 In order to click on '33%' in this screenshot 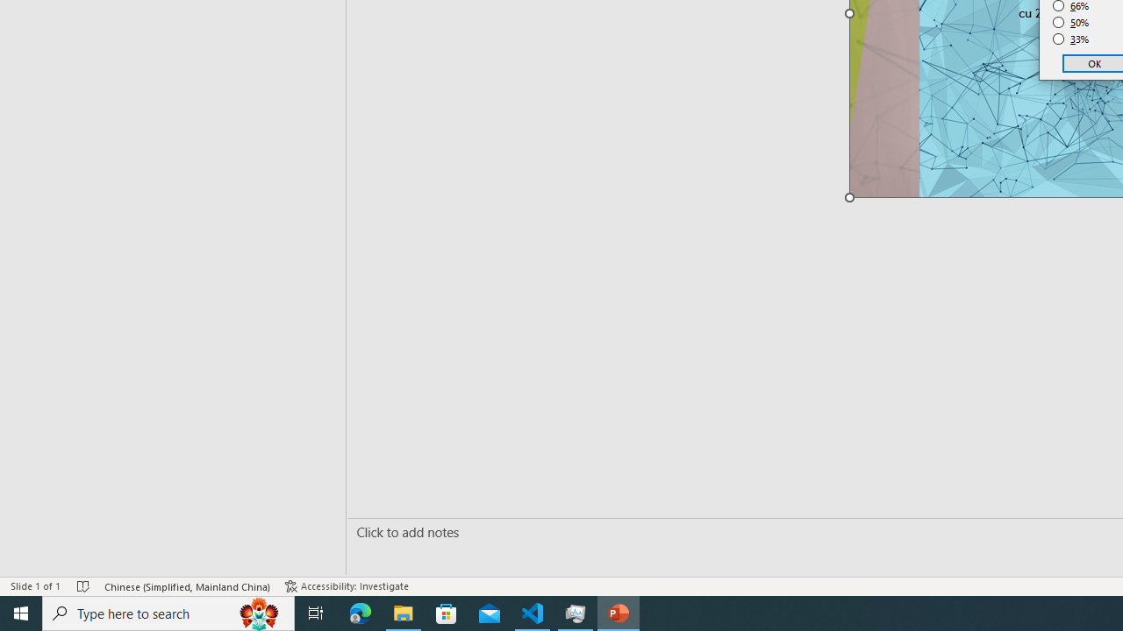, I will do `click(1070, 39)`.